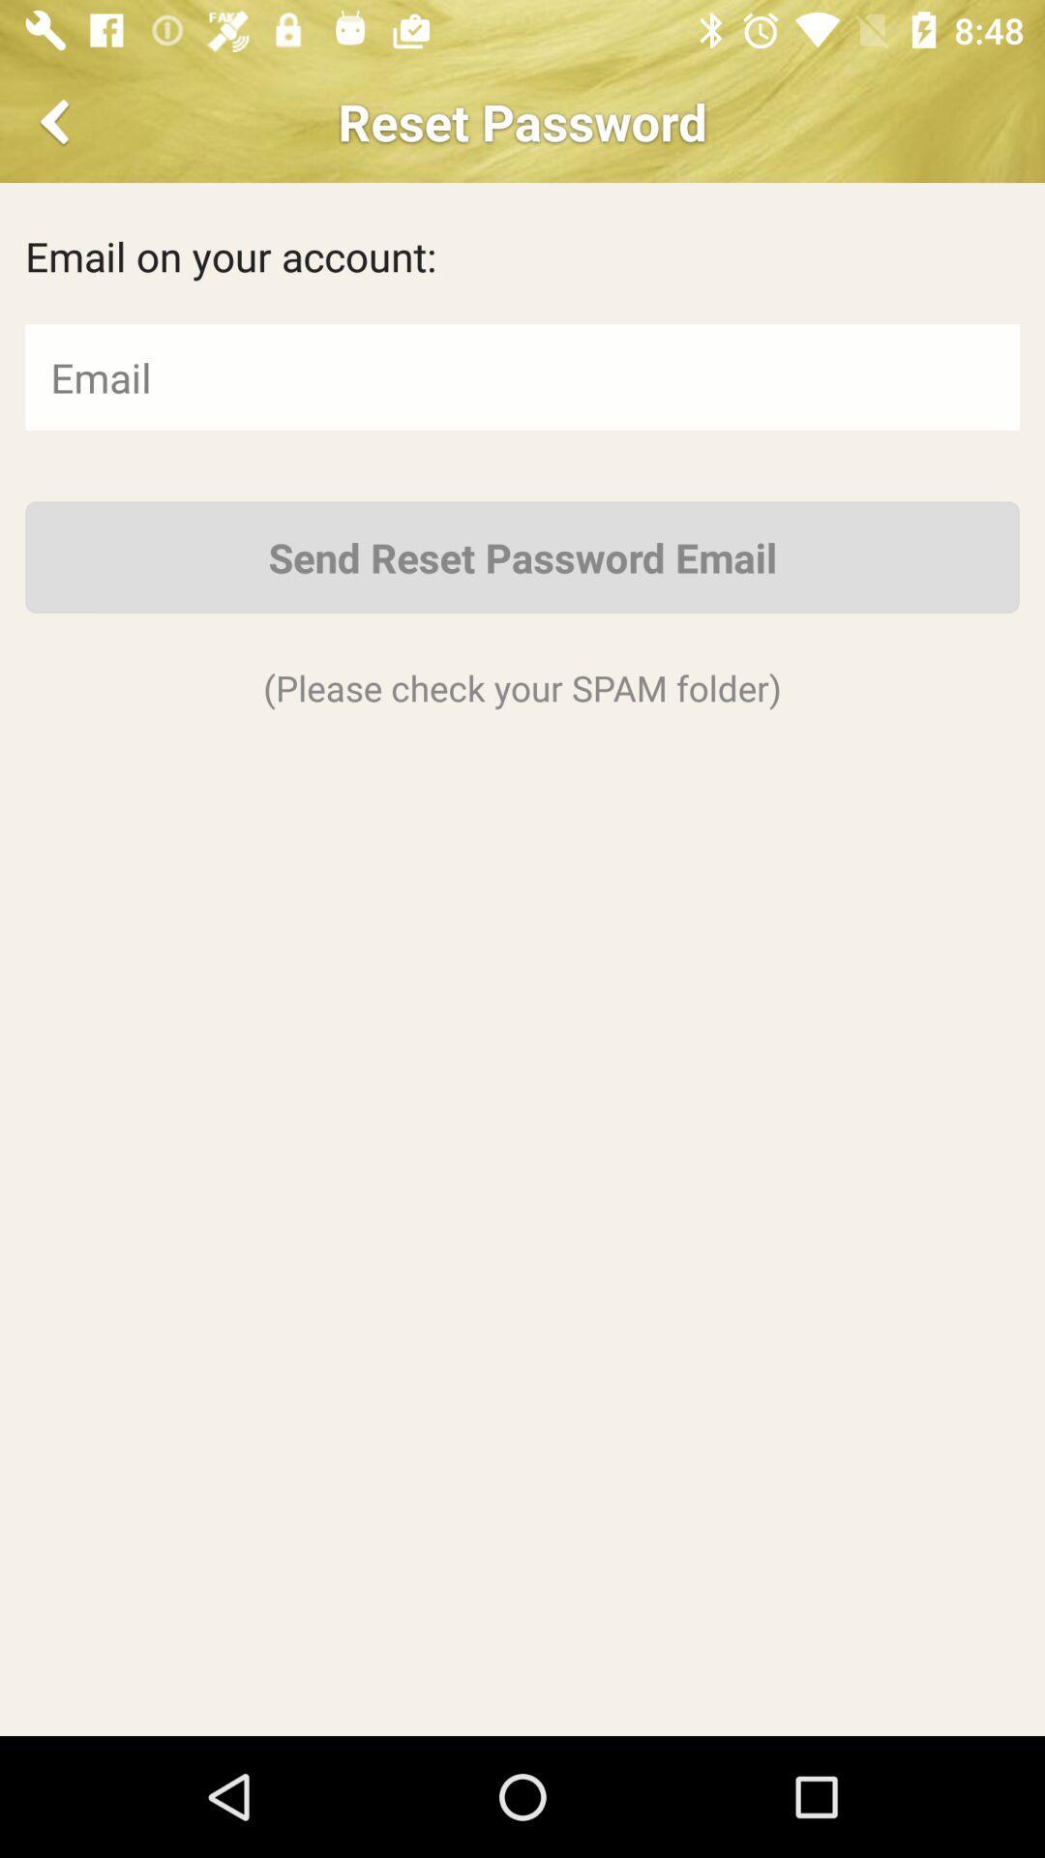 Image resolution: width=1045 pixels, height=1858 pixels. I want to click on go back, so click(57, 120).